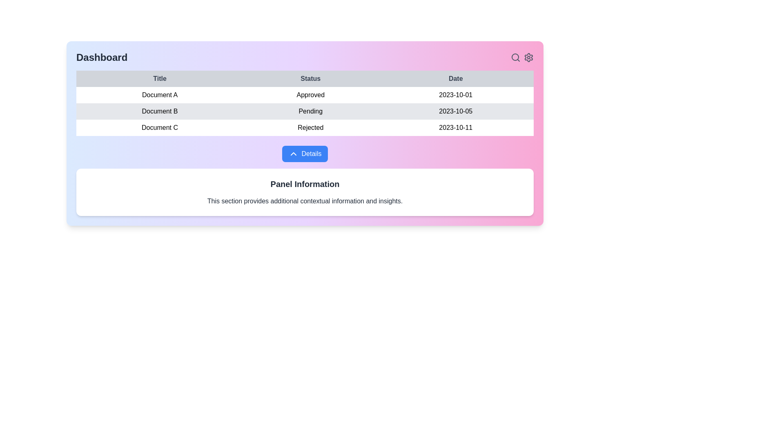 Image resolution: width=784 pixels, height=441 pixels. I want to click on the text heading that serves as a title for the interface section, which is positioned at the top left of the card-like structure, so click(101, 57).